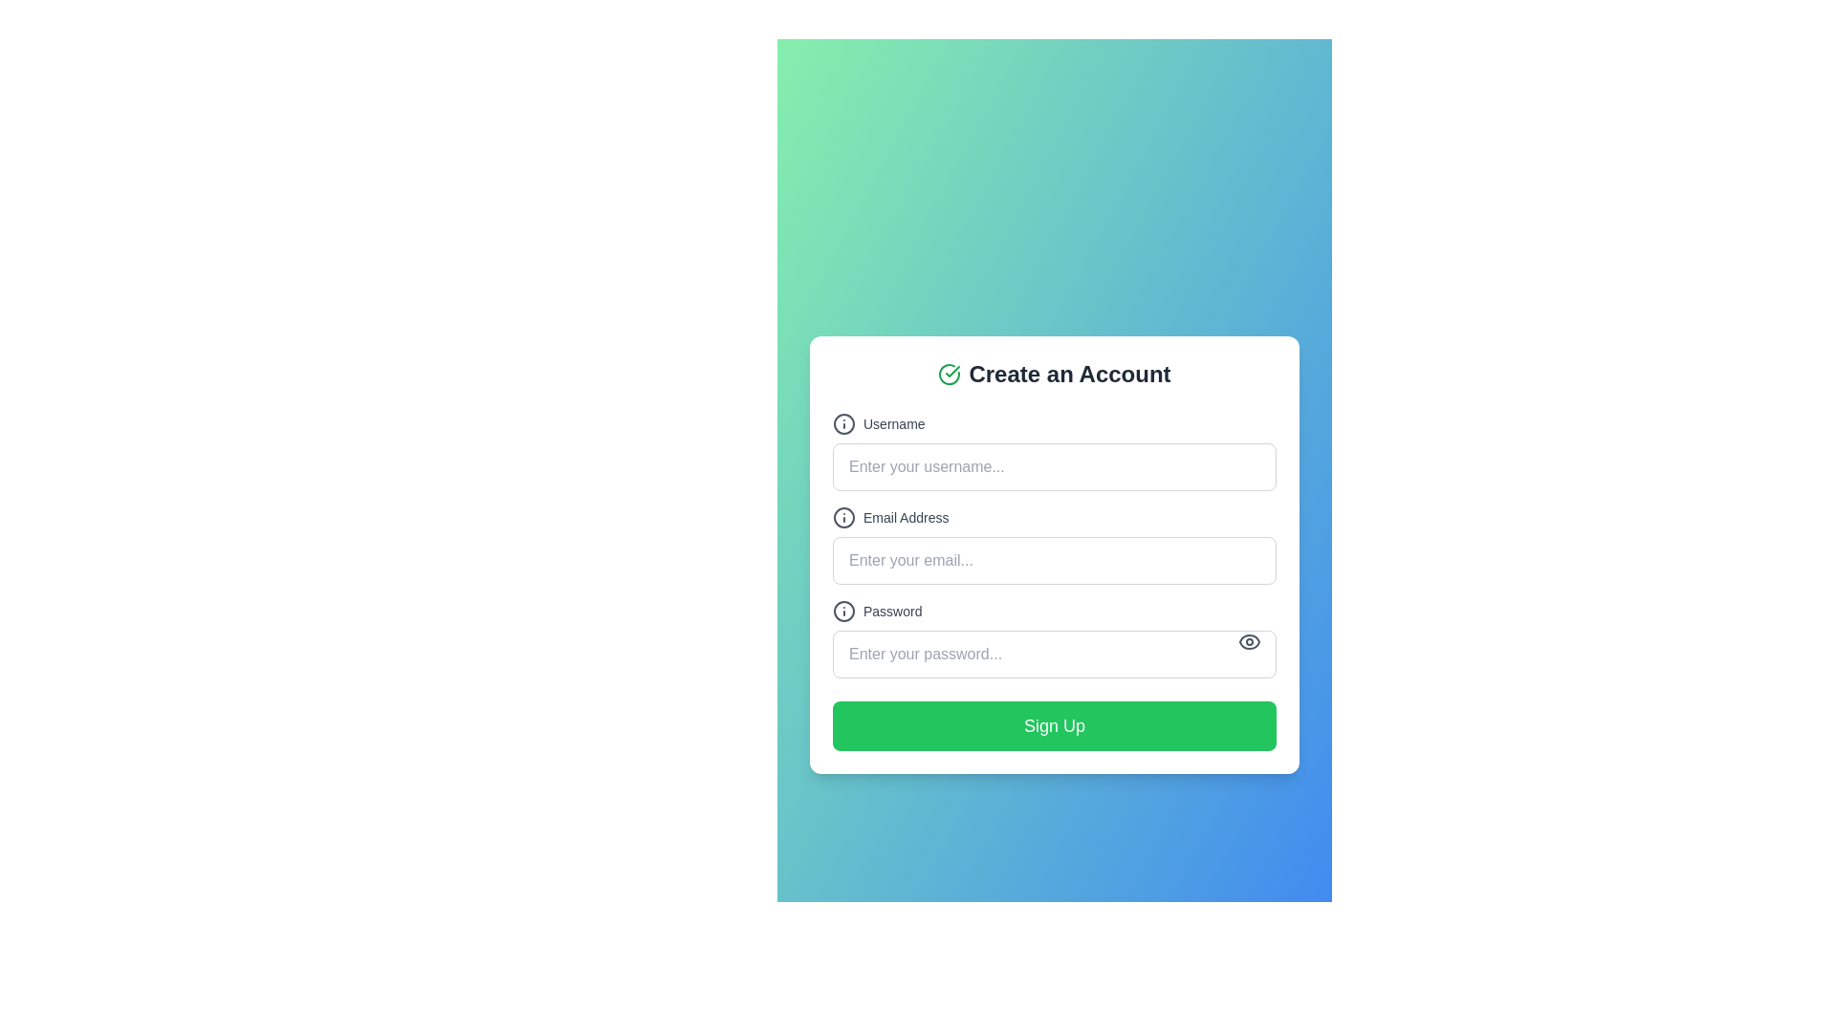  I want to click on the 'Username' label, which is a small gray text displayed above the username input field and adjacent to an icon, so click(893, 422).